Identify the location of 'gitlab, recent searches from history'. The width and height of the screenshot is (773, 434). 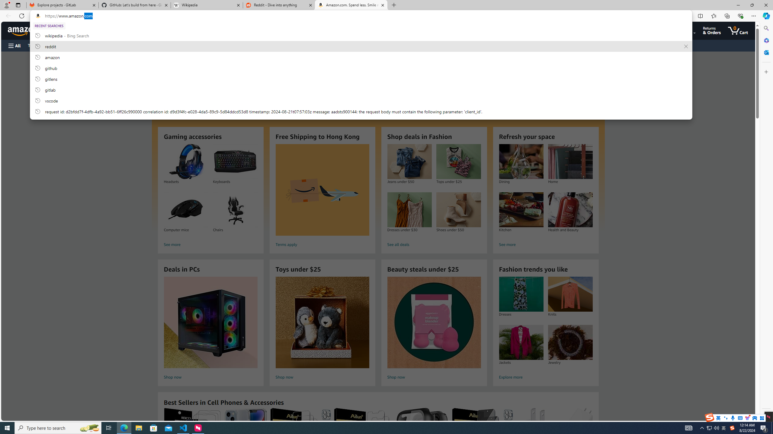
(361, 89).